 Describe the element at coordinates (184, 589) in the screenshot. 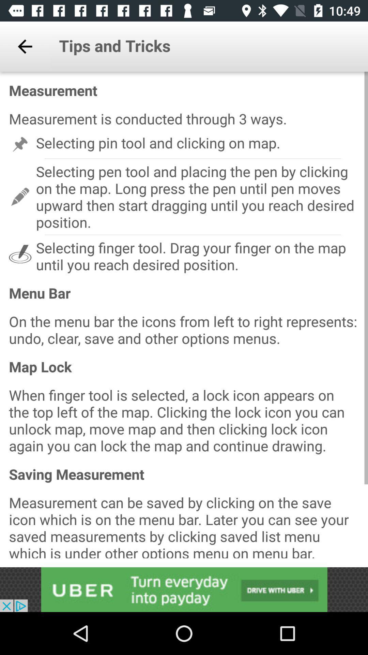

I see `advertisement` at that location.